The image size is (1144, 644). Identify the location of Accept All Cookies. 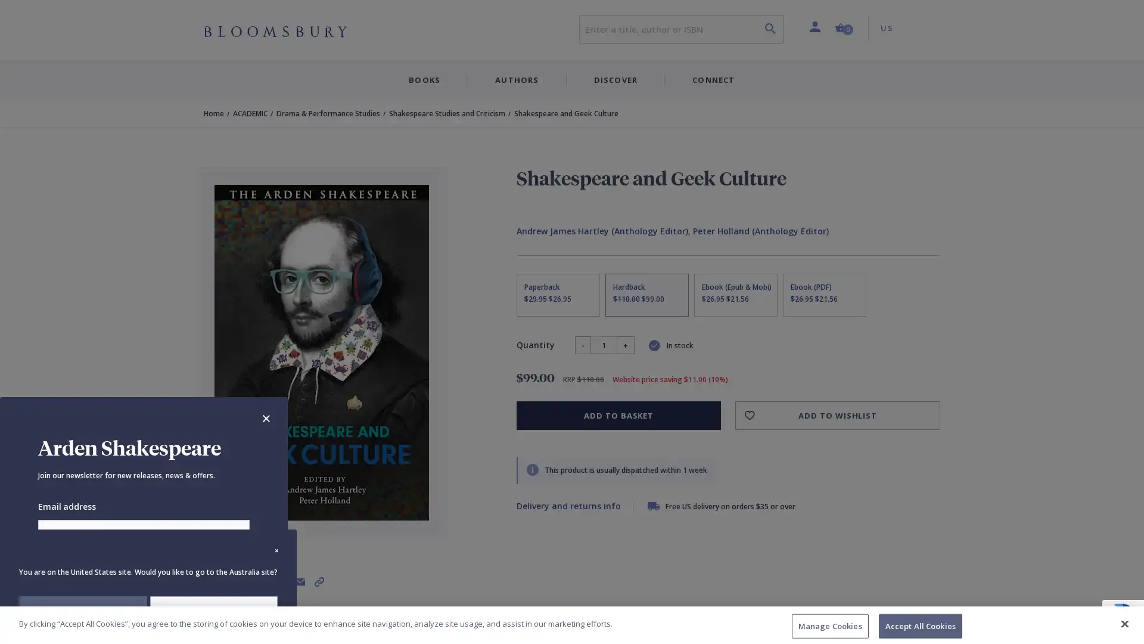
(919, 625).